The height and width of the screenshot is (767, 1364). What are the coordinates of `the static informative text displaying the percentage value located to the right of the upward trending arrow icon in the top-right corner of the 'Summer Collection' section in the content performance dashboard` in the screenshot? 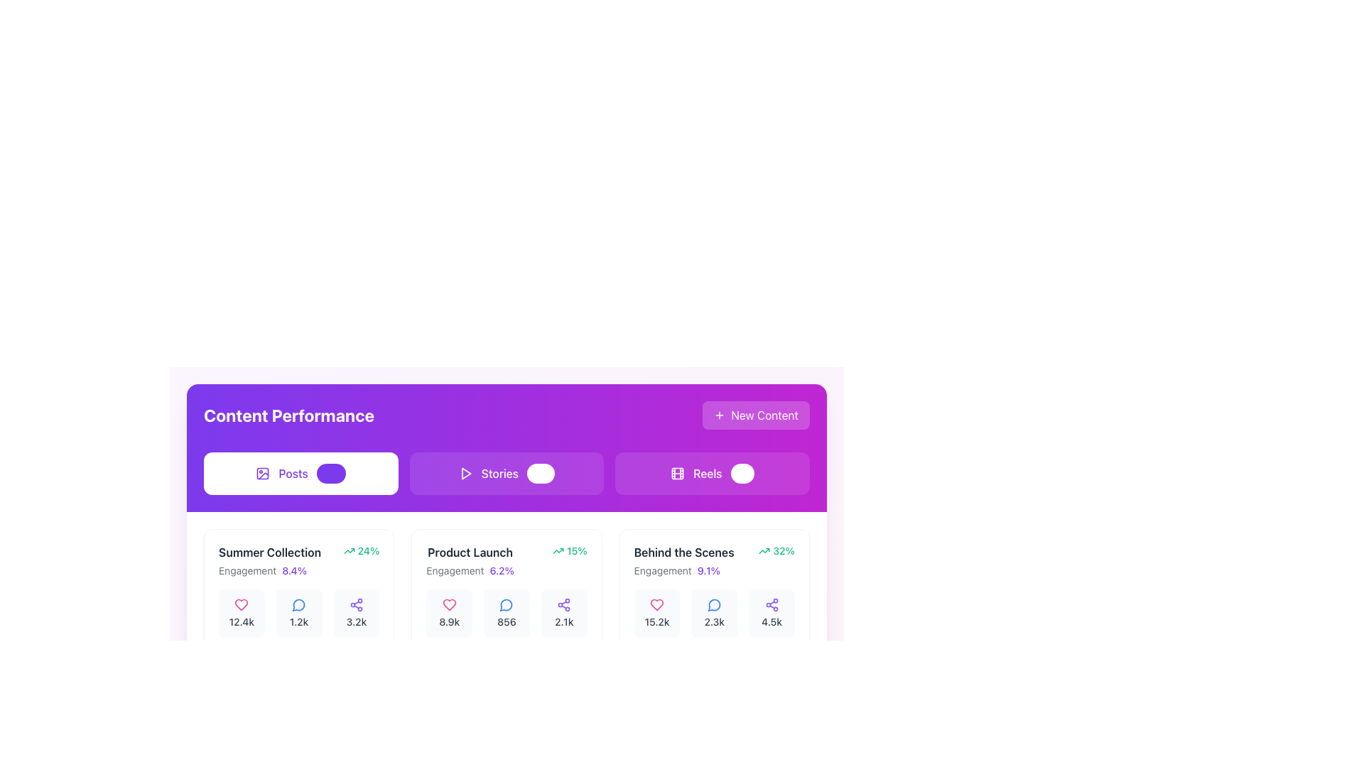 It's located at (368, 550).